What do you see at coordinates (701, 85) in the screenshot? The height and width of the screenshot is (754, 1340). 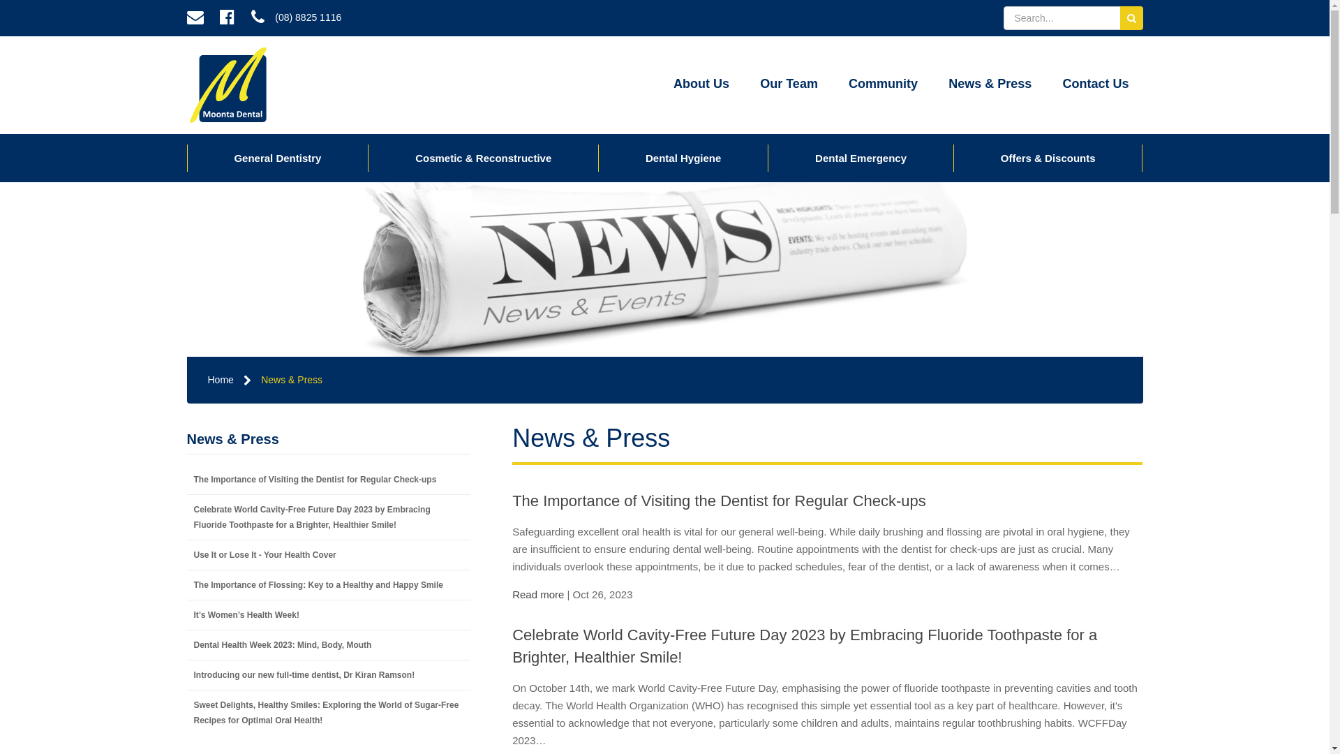 I see `'About Us'` at bounding box center [701, 85].